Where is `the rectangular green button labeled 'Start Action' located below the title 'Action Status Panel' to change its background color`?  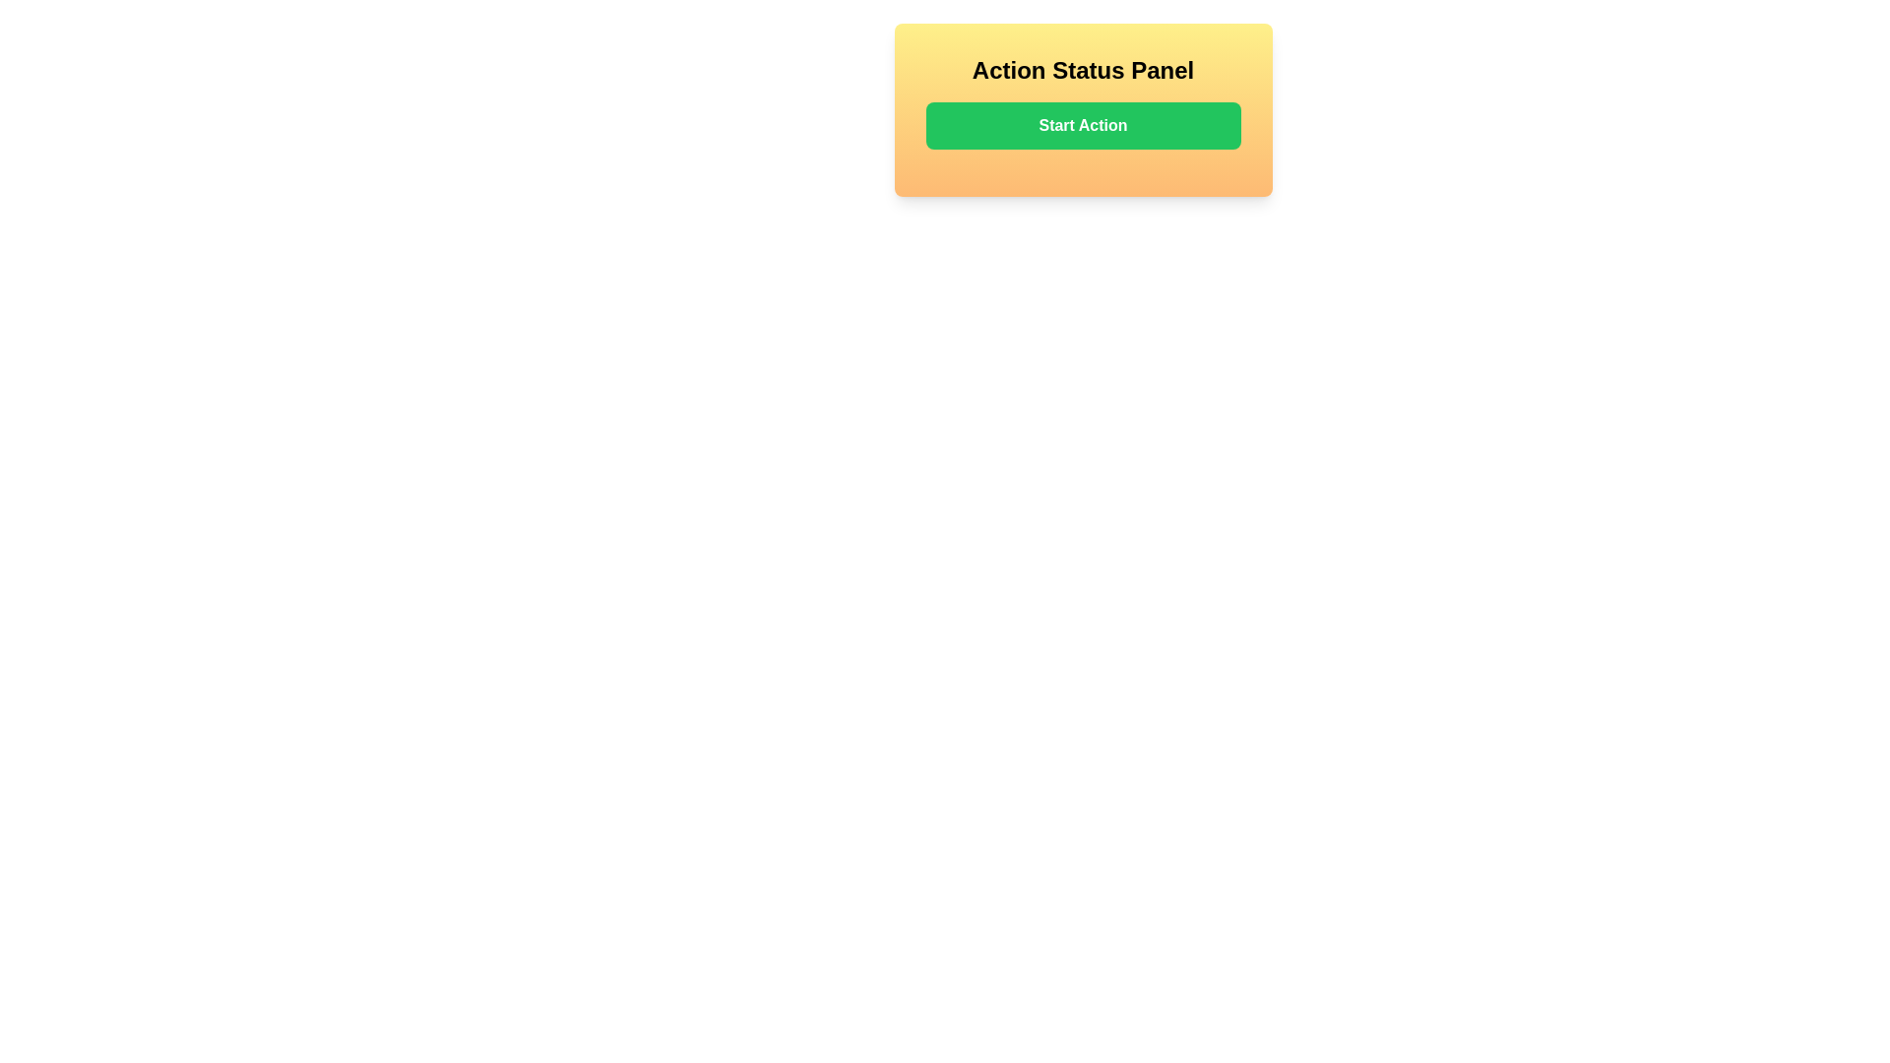 the rectangular green button labeled 'Start Action' located below the title 'Action Status Panel' to change its background color is located at coordinates (1082, 125).